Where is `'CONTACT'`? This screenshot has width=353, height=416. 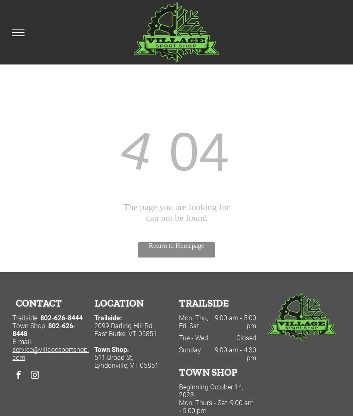
'CONTACT' is located at coordinates (38, 302).